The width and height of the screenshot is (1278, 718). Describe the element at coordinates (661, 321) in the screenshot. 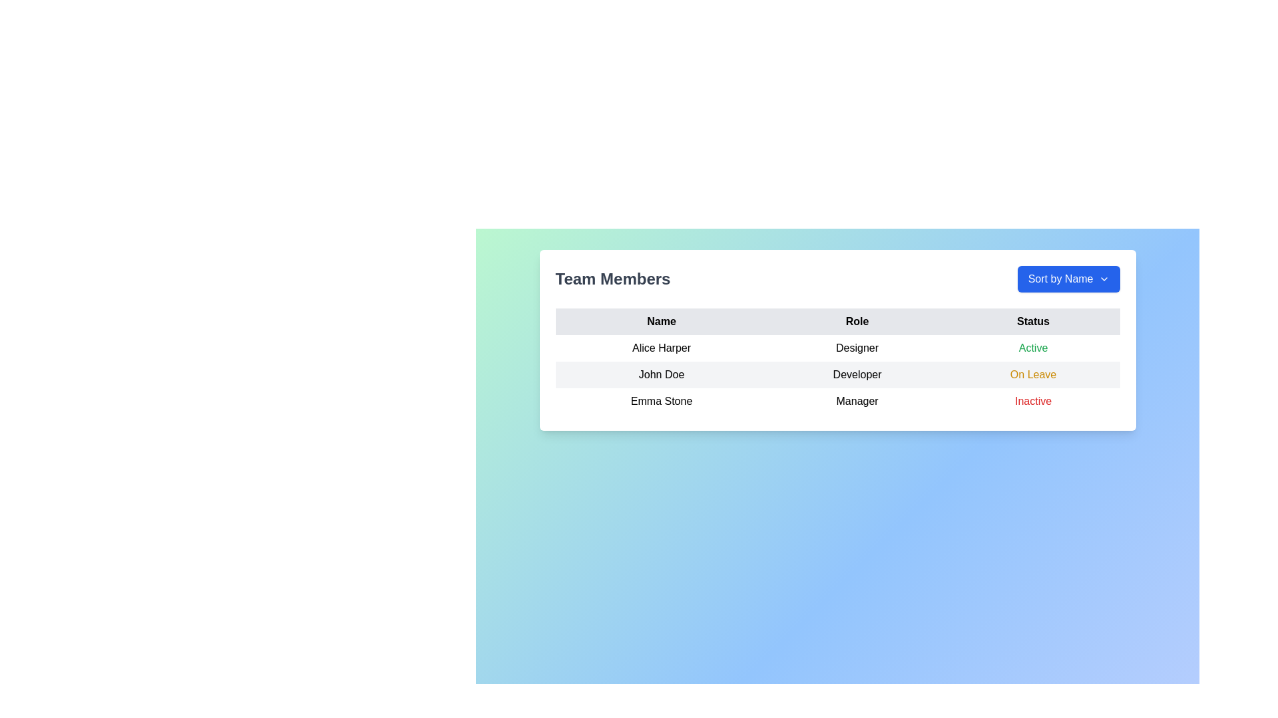

I see `the 'Name' text label, which is the first column header in the 'Team Members' table, featuring bold black text on a light gray background` at that location.